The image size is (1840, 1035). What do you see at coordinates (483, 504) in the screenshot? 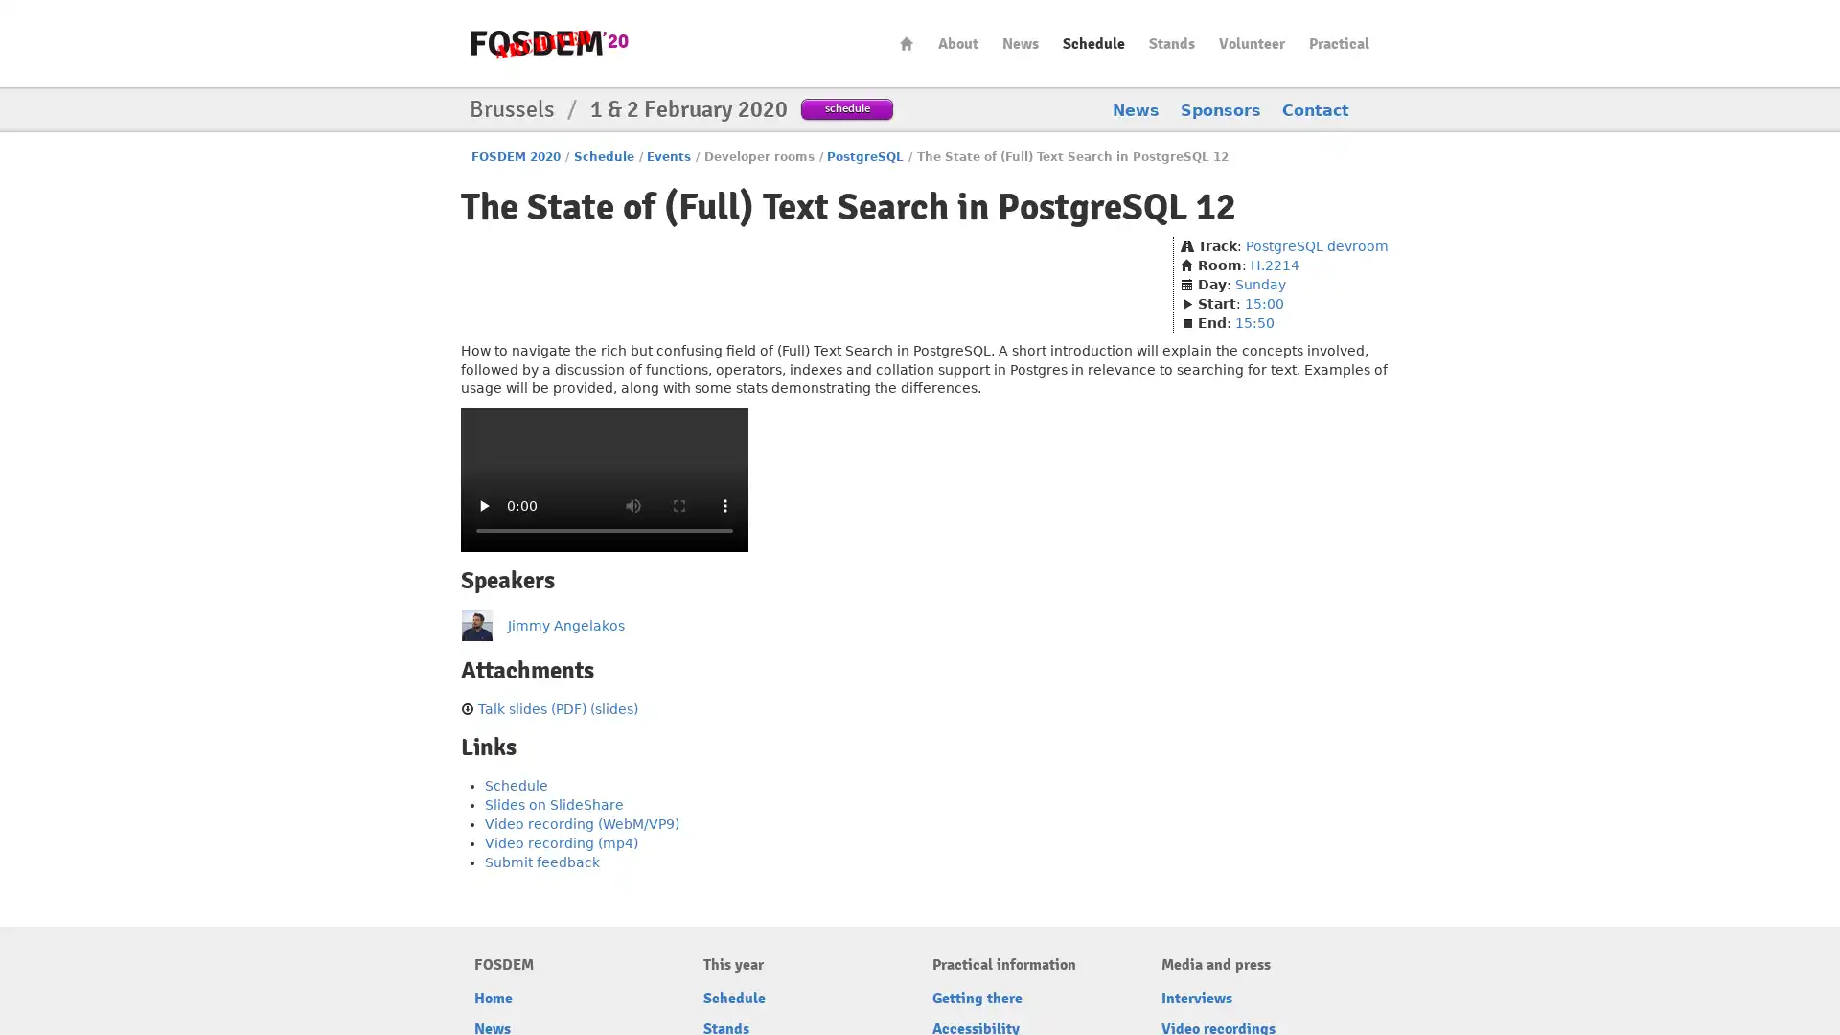
I see `play` at bounding box center [483, 504].